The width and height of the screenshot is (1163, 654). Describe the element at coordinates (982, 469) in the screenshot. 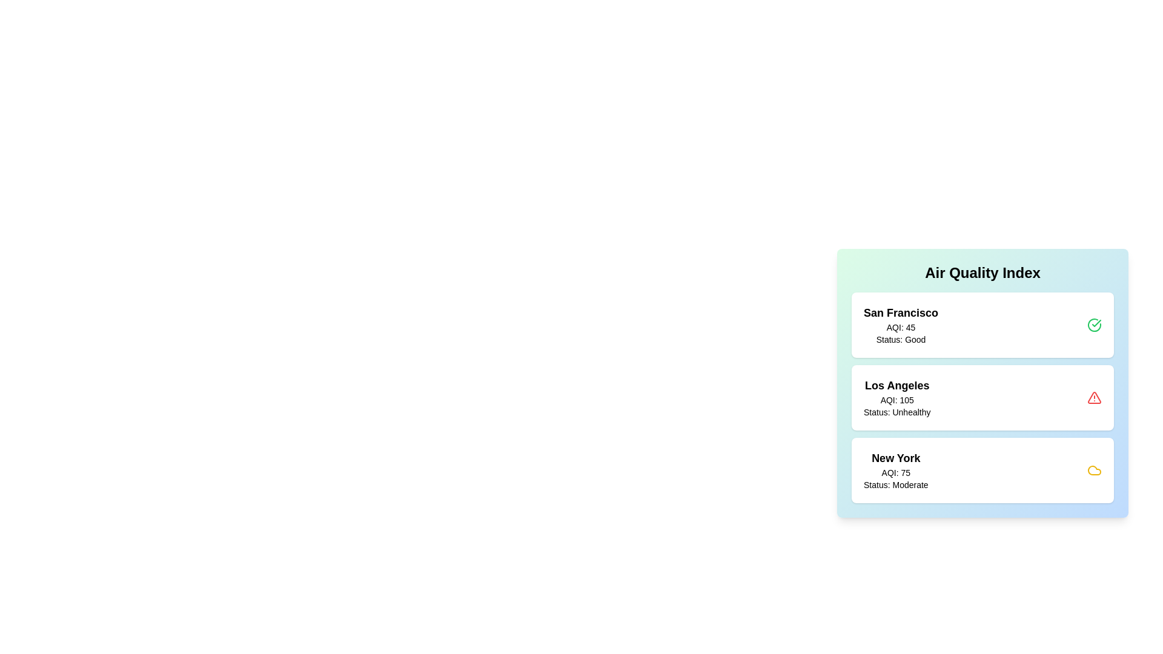

I see `the location card for New York` at that location.